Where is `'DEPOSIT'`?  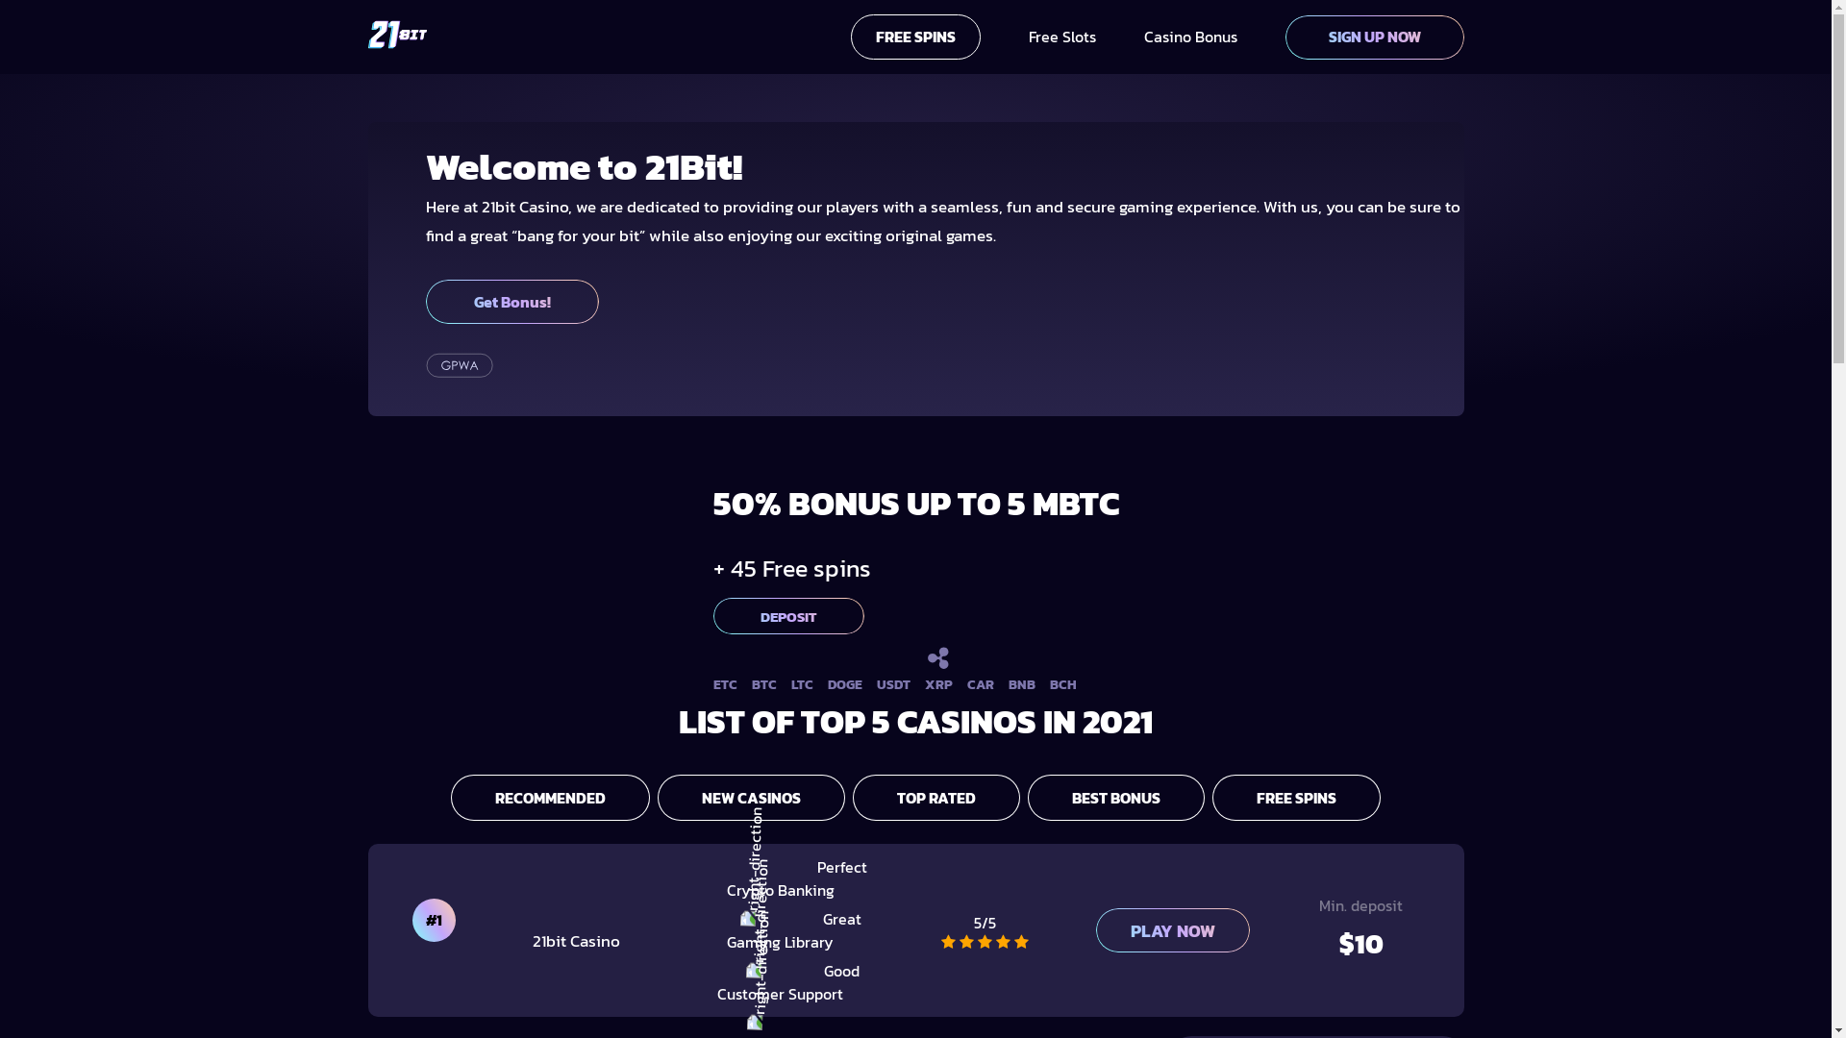
'DEPOSIT' is located at coordinates (712, 615).